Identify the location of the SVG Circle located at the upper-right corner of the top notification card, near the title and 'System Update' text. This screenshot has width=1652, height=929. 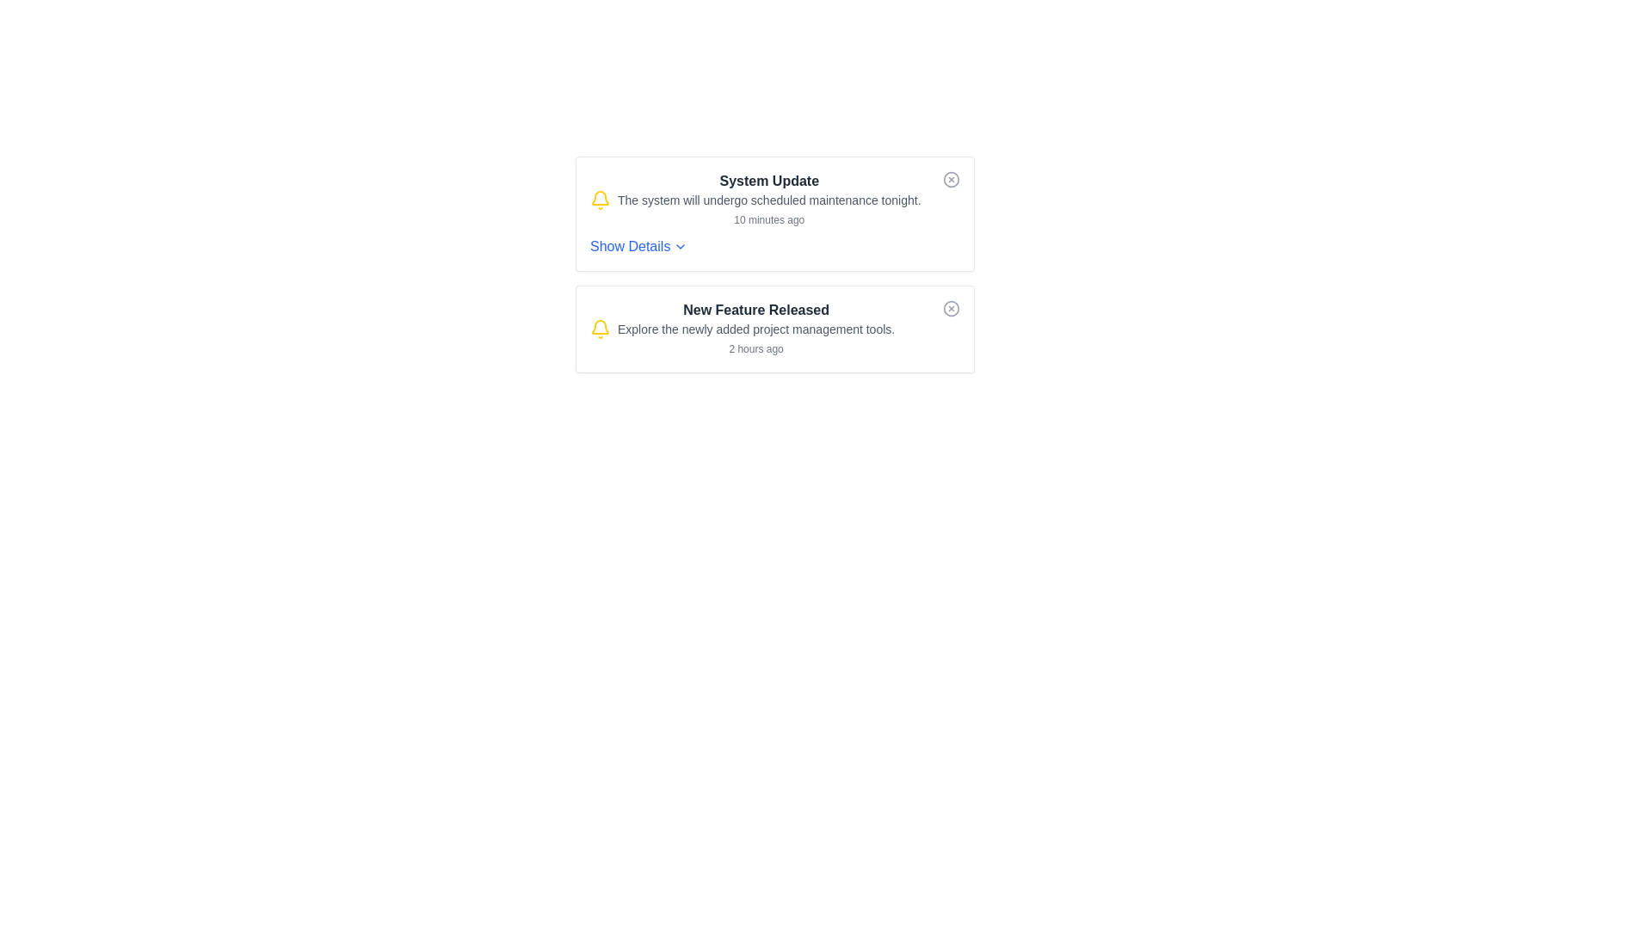
(950, 179).